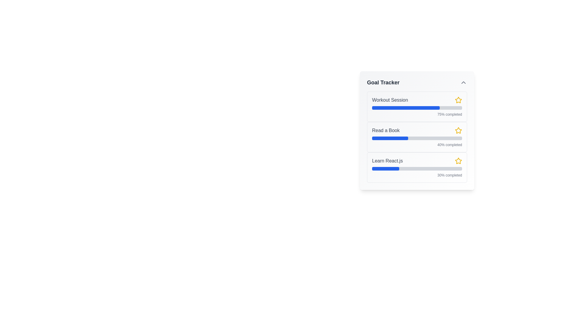 The image size is (572, 322). What do you see at coordinates (463, 83) in the screenshot?
I see `the button in the top-right corner of the 'Goal Tracker' section, which triggers a collapsing or minimizing action for that section` at bounding box center [463, 83].